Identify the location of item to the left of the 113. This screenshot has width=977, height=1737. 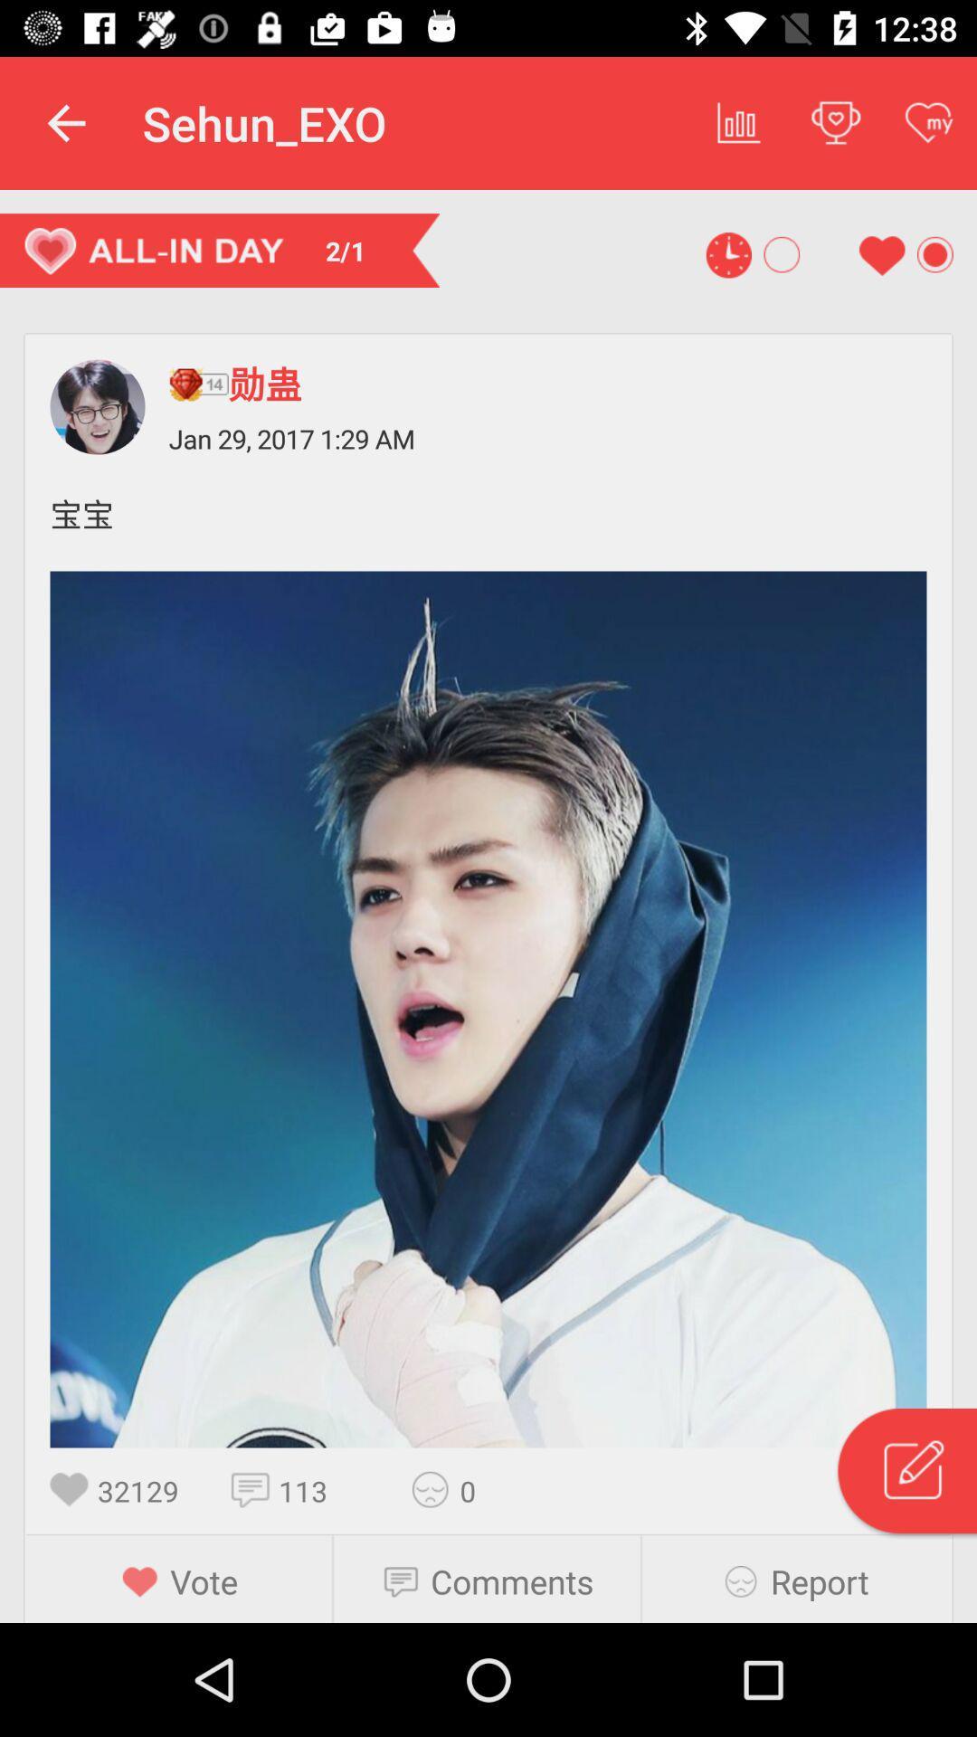
(254, 1489).